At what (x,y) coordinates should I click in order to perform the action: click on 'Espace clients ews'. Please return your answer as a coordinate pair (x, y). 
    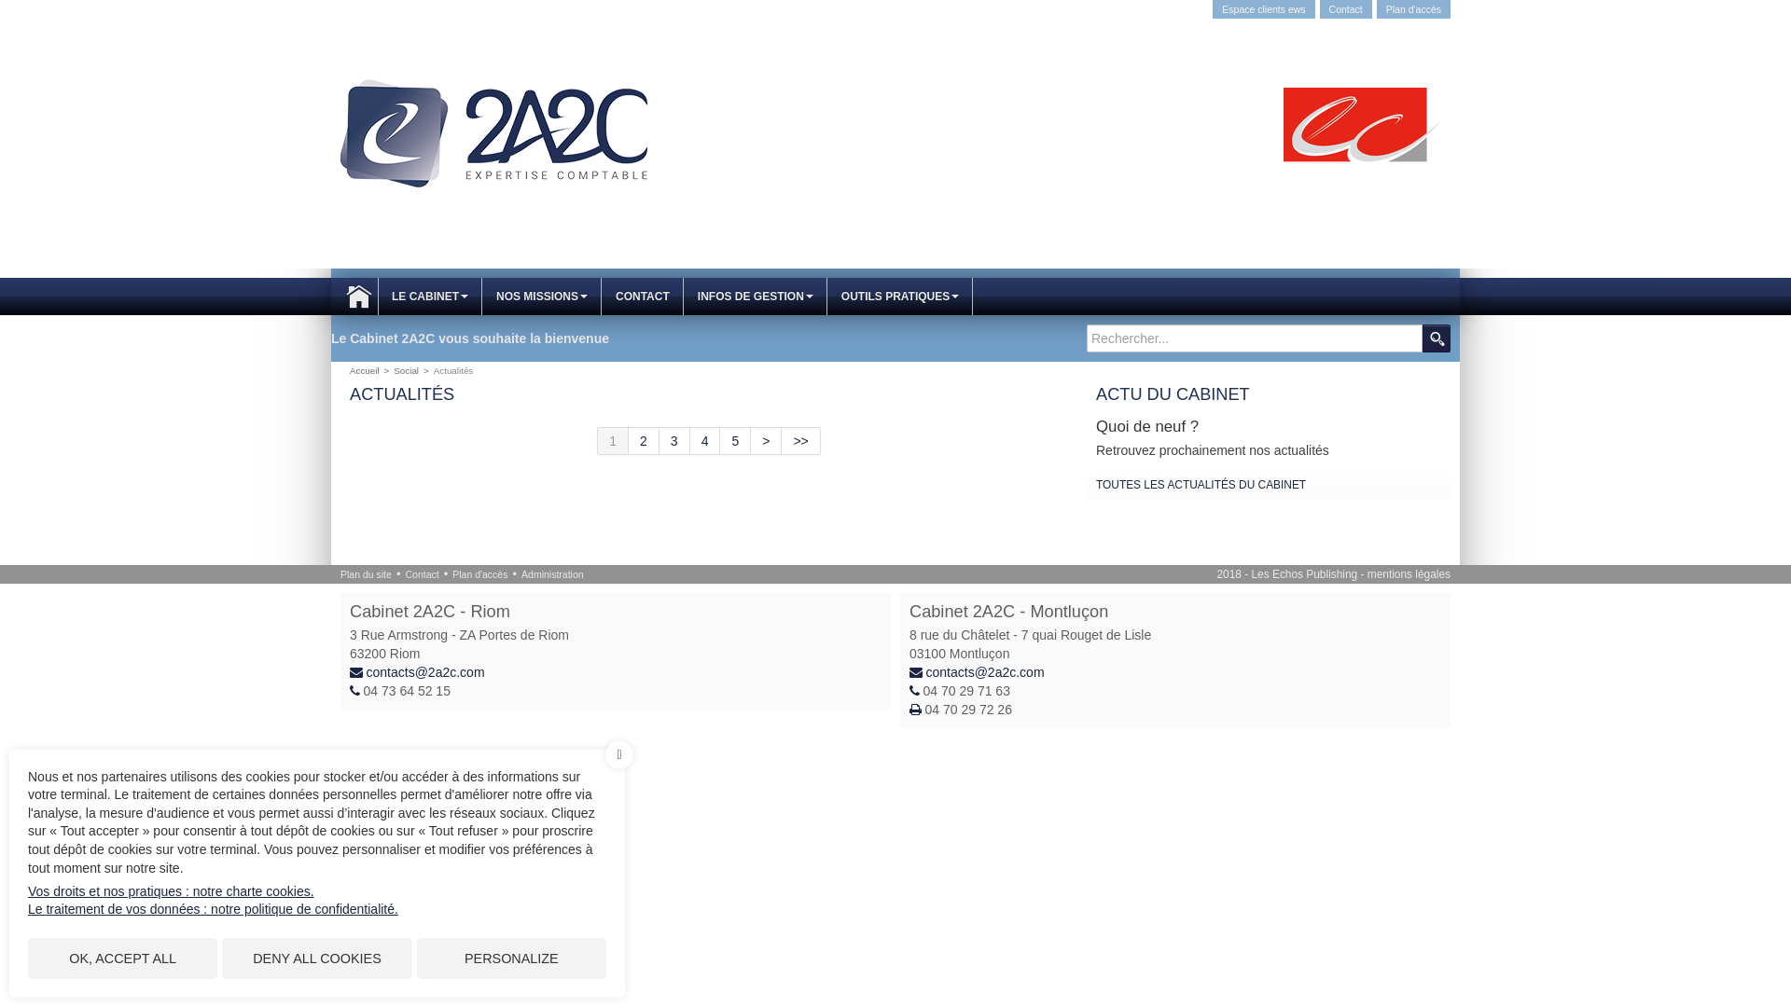
    Looking at the image, I should click on (1263, 9).